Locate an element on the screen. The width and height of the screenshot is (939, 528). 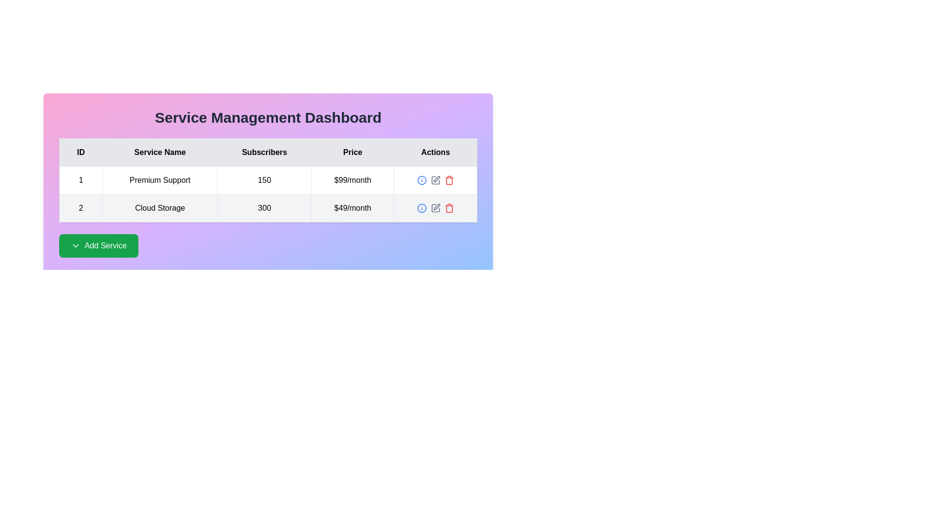
the 'Actions' text label in the header of the table, which is the last cell in a row of headers with a gray background is located at coordinates (435, 153).